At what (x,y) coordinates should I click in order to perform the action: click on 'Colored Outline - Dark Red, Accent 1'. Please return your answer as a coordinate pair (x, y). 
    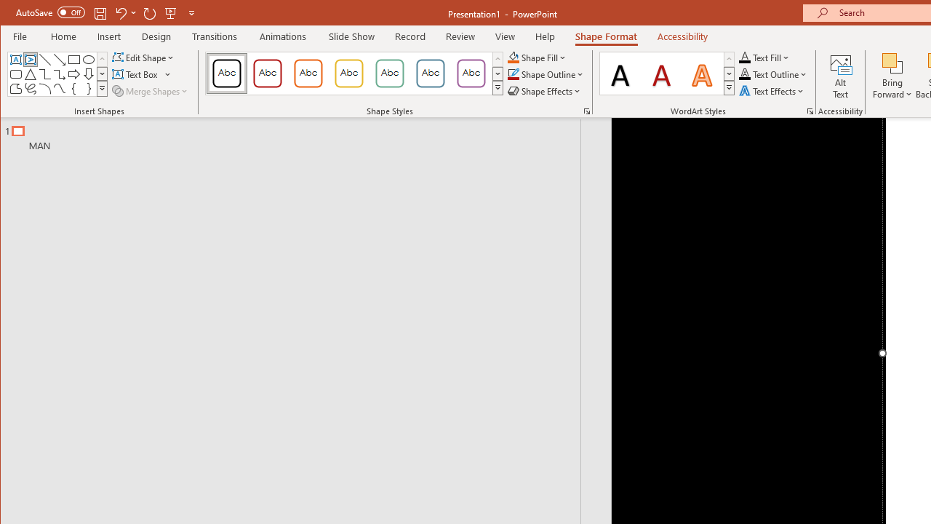
    Looking at the image, I should click on (268, 73).